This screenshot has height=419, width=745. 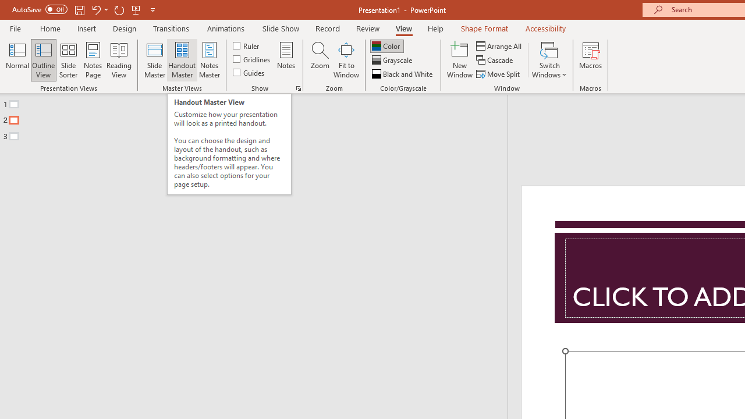 I want to click on 'Outline View', so click(x=43, y=60).